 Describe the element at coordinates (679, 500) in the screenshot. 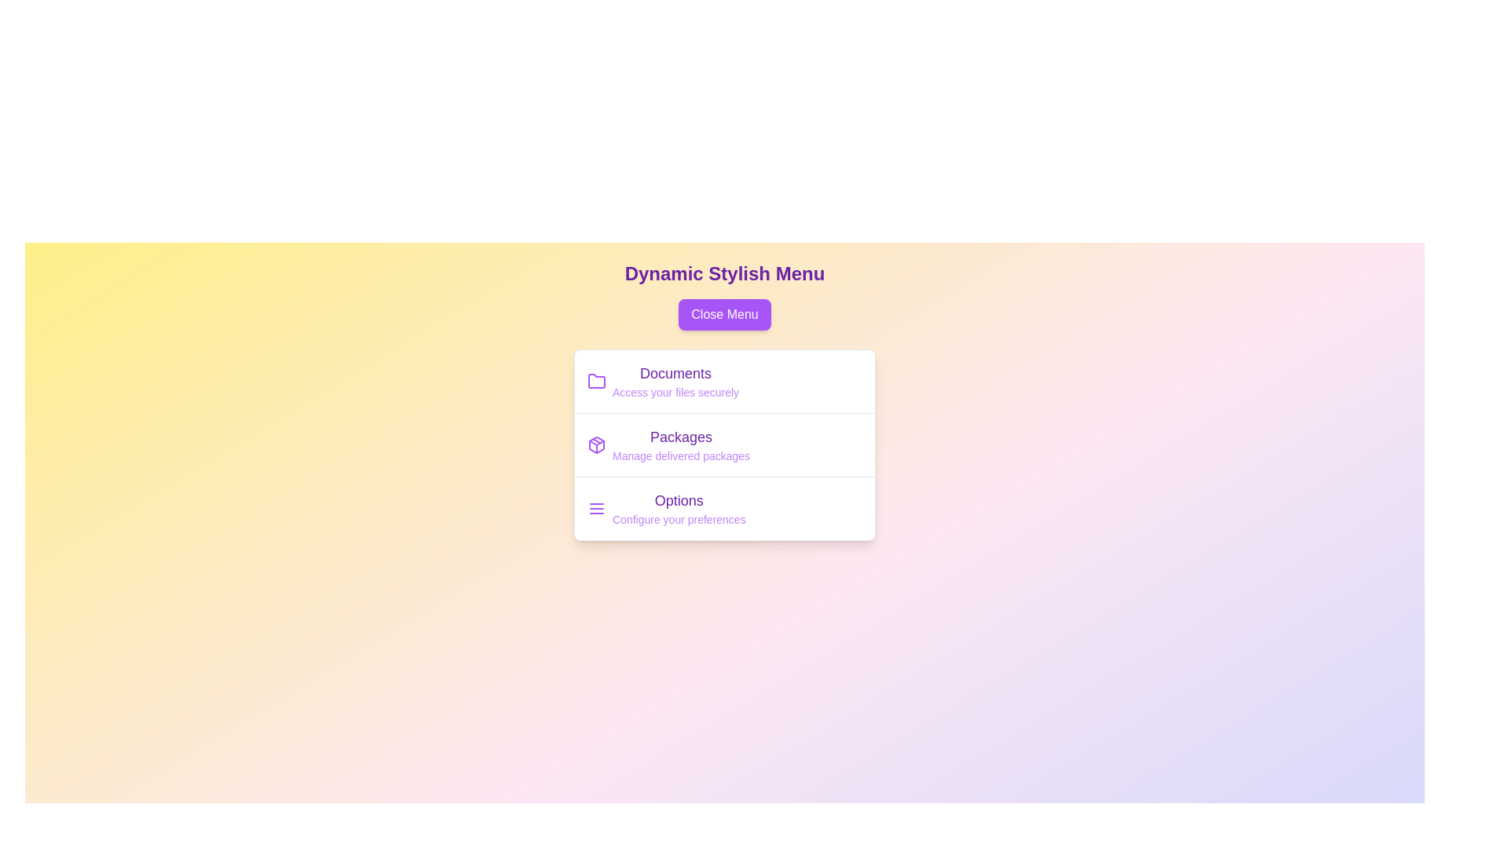

I see `the menu item Options to select it` at that location.